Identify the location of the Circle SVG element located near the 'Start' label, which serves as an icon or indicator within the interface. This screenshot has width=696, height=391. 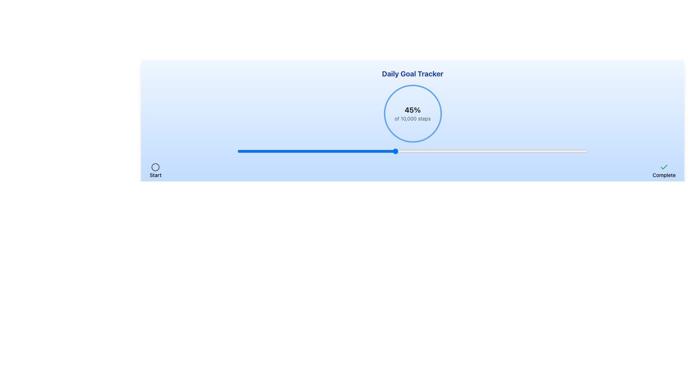
(155, 167).